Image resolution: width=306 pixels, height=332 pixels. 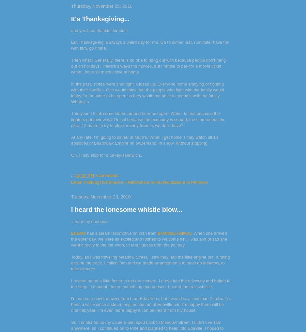 What do you see at coordinates (144, 140) in the screenshot?
I see `'At any rate, I'm going to dinner at Mum's. When I get home, I may watch all 10 episodes of Boardwalk Empire on onDemand. In a row. Without stopping.'` at bounding box center [144, 140].